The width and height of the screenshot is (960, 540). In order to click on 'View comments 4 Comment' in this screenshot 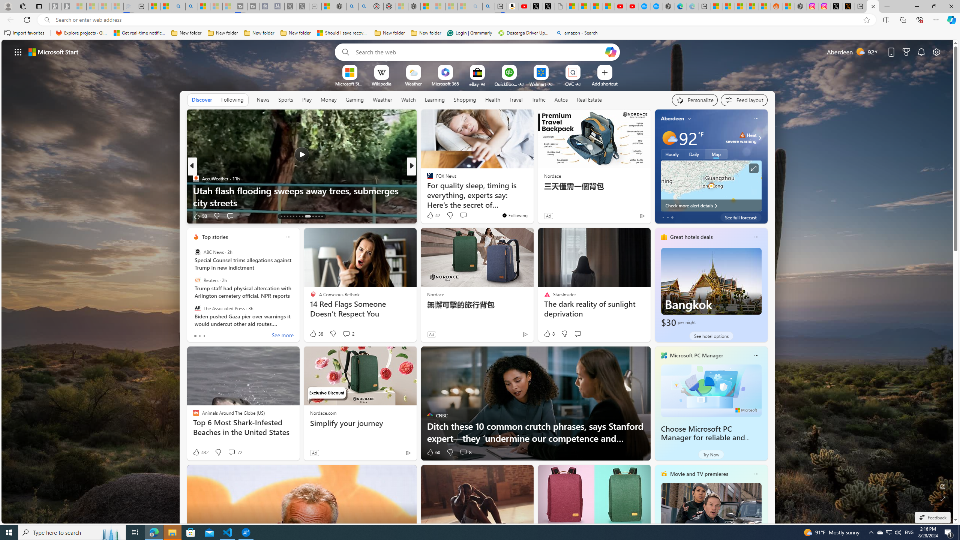, I will do `click(460, 215)`.